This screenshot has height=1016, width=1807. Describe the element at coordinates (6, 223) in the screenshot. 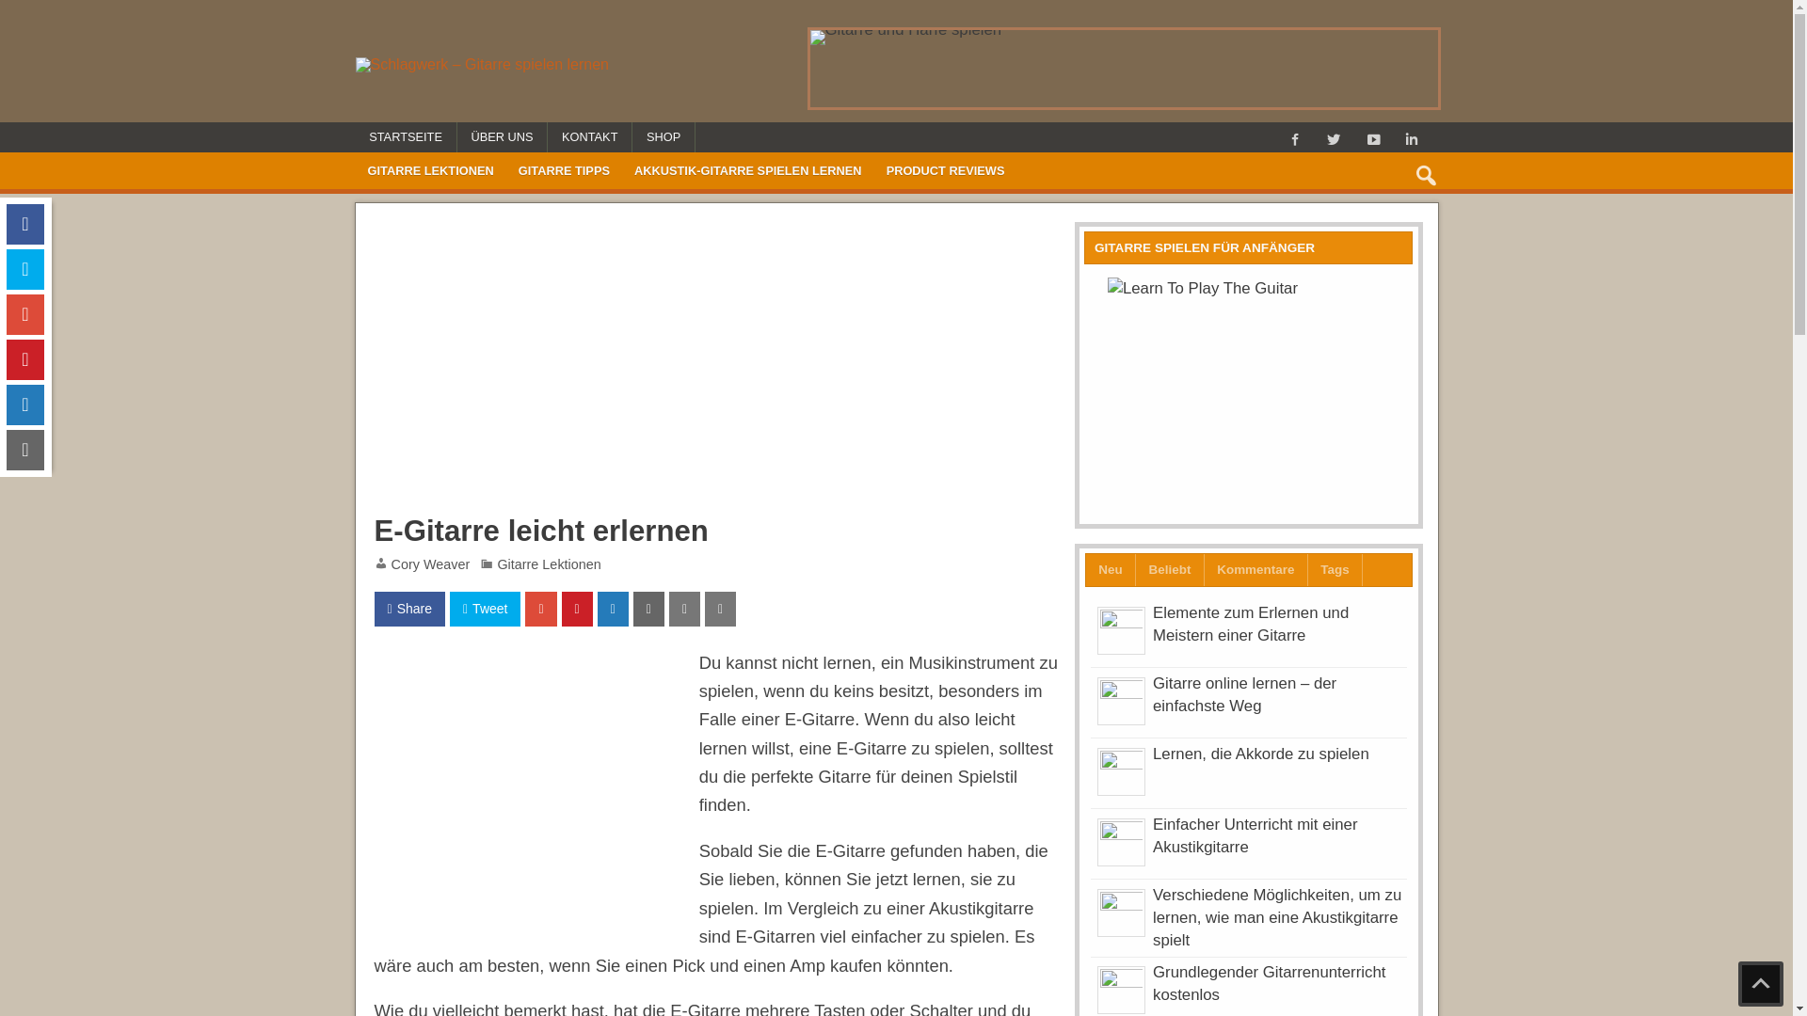

I see `'Share On Facebook'` at that location.